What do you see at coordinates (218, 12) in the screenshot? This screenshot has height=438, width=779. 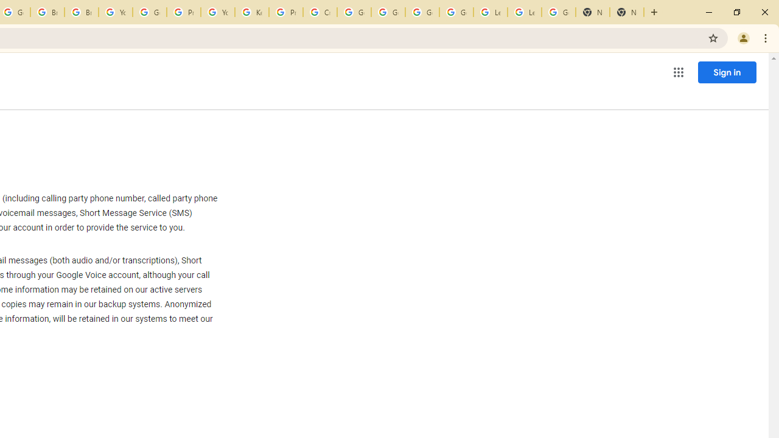 I see `'YouTube'` at bounding box center [218, 12].